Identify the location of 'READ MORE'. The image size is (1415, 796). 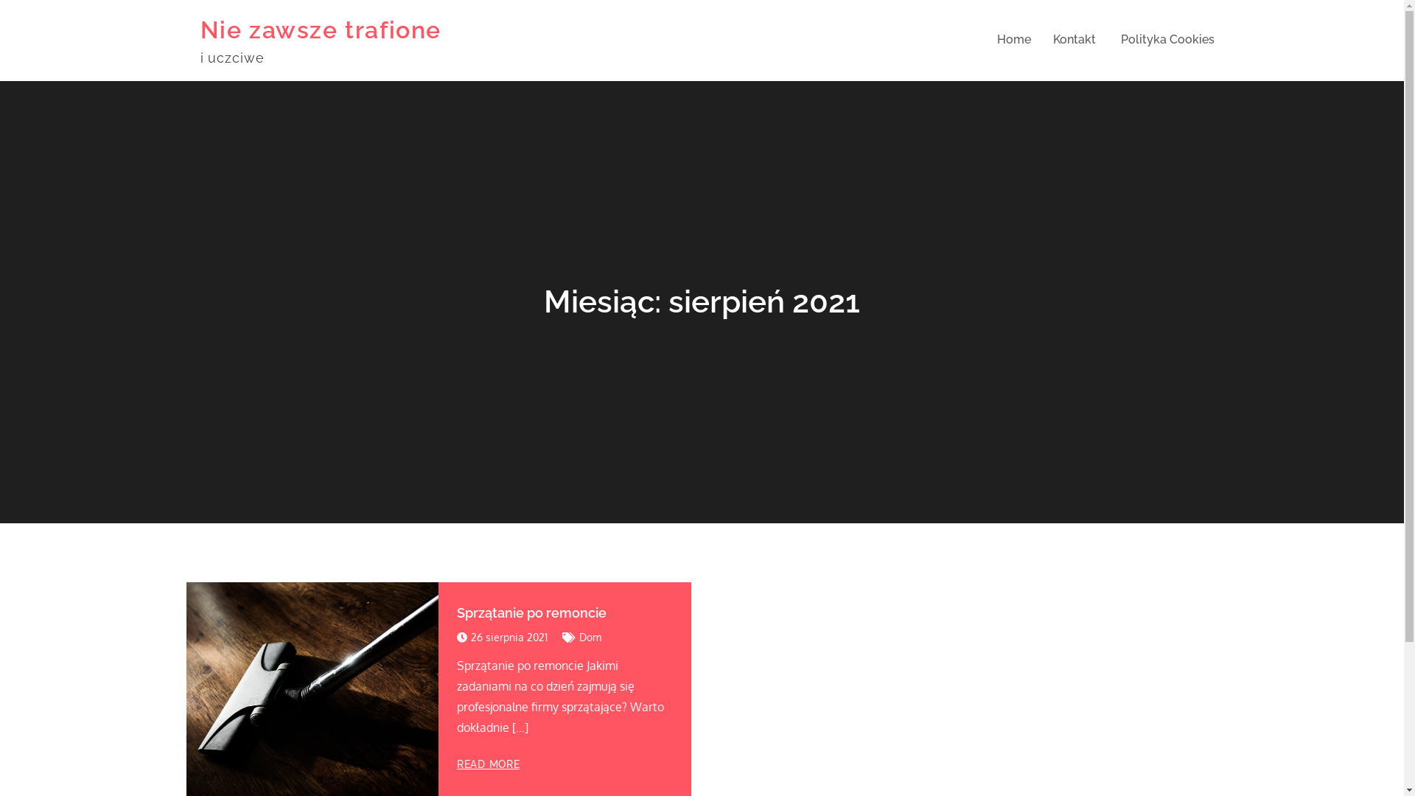
(488, 764).